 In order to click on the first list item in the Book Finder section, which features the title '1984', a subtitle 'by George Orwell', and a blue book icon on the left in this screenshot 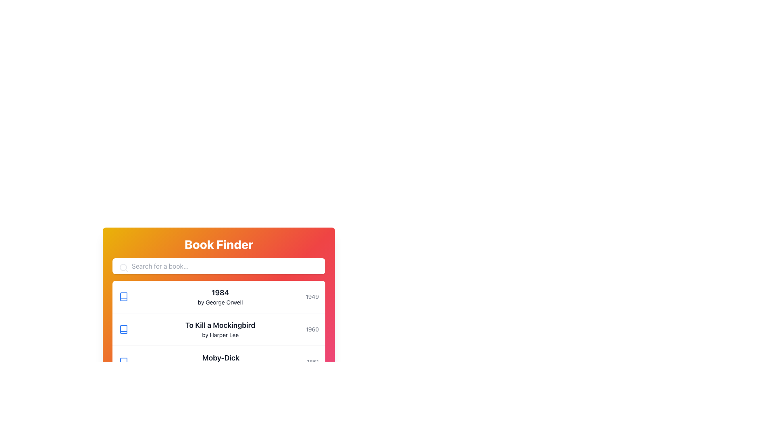, I will do `click(218, 297)`.